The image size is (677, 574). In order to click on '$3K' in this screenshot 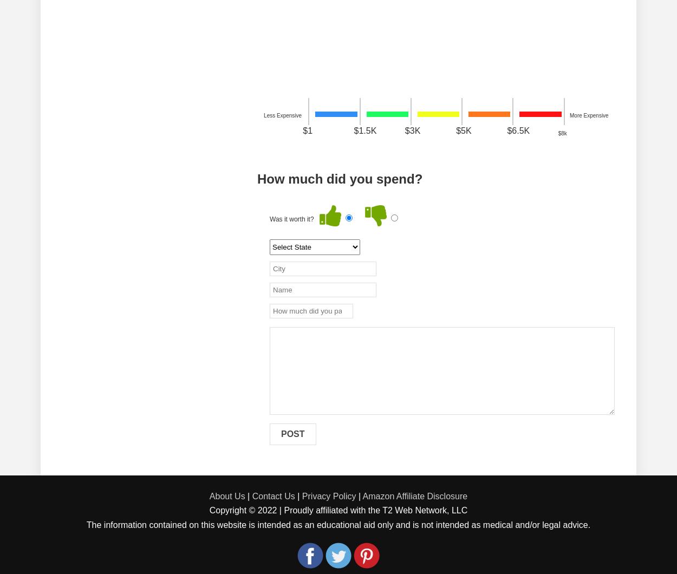, I will do `click(404, 130)`.